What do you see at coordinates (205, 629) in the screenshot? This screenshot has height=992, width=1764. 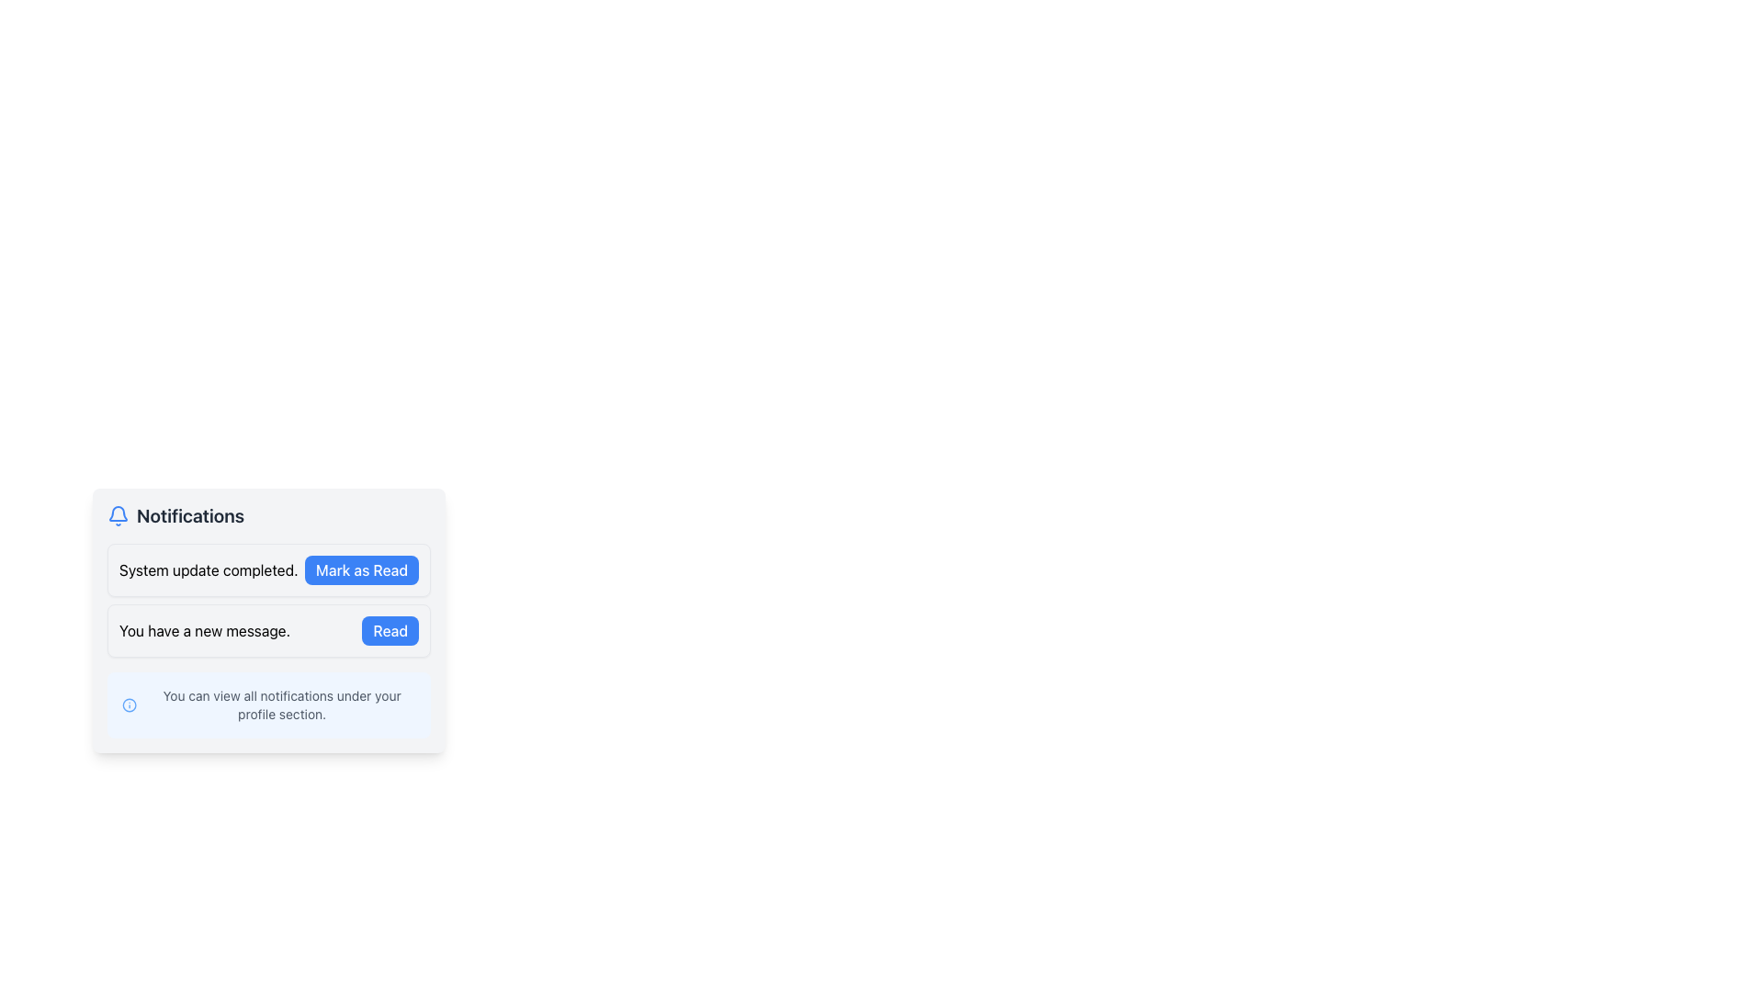 I see `the static text label displaying 'You have a new message.' which is located in the second row of the notification card, preceding the 'Read' button` at bounding box center [205, 629].